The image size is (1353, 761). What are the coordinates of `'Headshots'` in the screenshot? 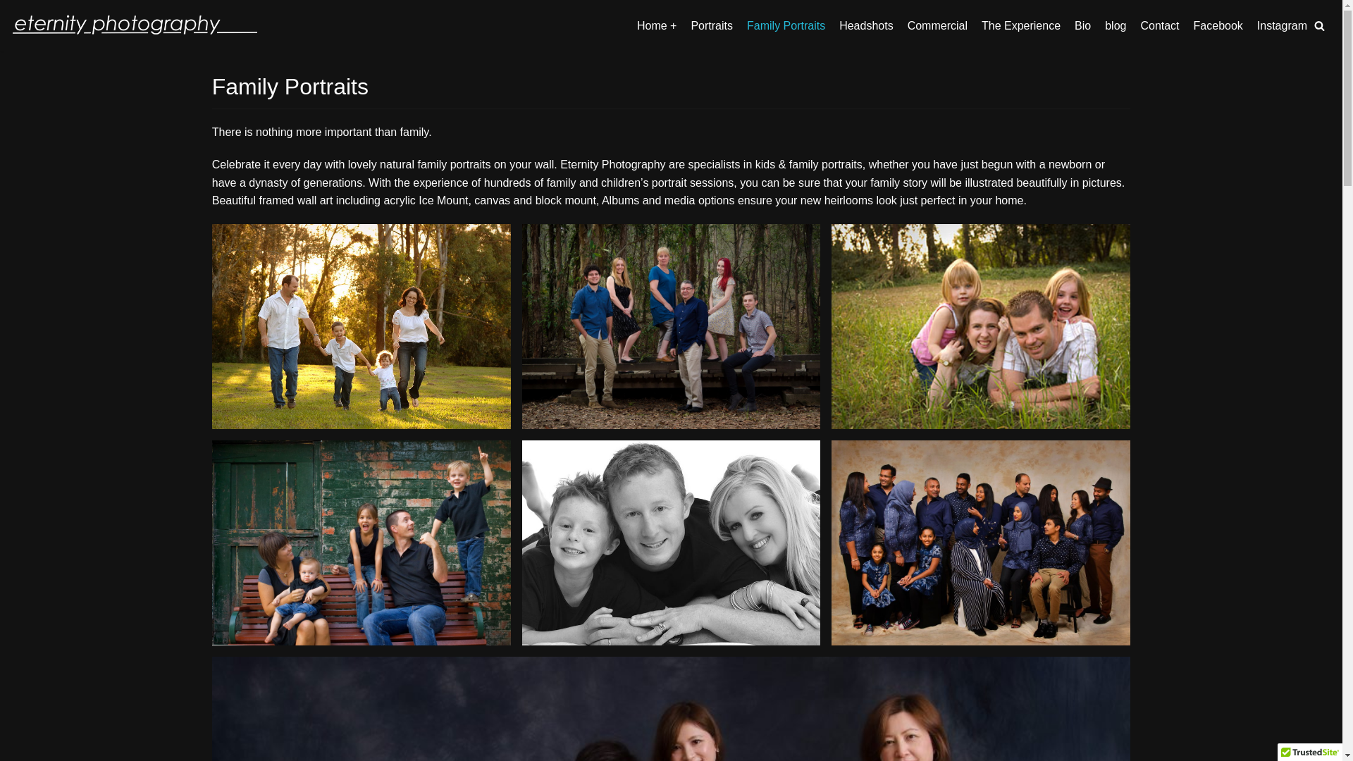 It's located at (865, 26).